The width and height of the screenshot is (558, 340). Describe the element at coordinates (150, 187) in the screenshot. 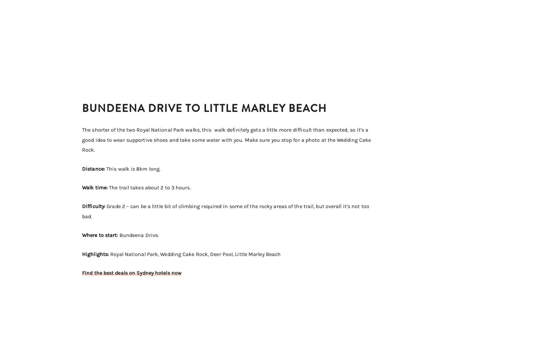

I see `'The trail takes about 2 to 3 hours.'` at that location.